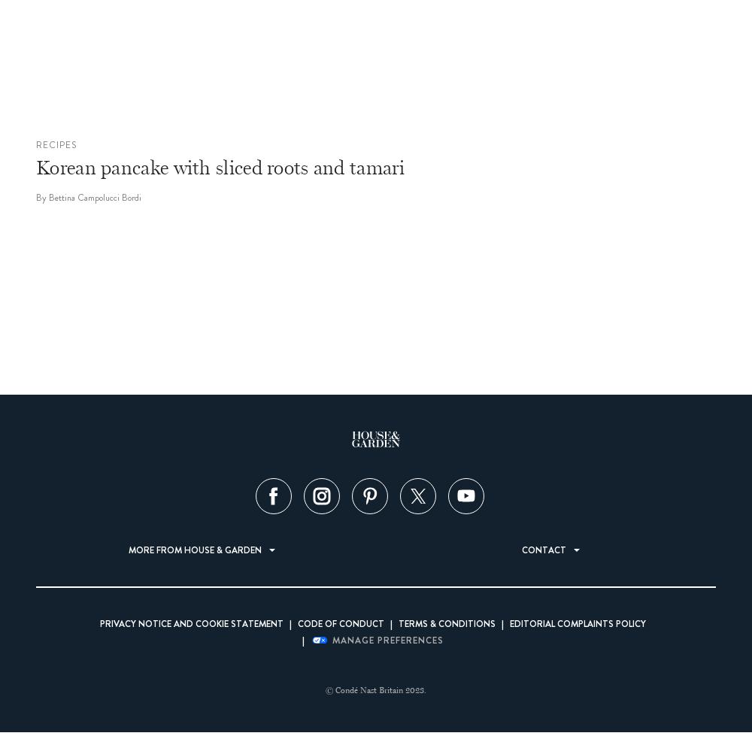 This screenshot has width=752, height=739. What do you see at coordinates (542, 550) in the screenshot?
I see `'Contact'` at bounding box center [542, 550].